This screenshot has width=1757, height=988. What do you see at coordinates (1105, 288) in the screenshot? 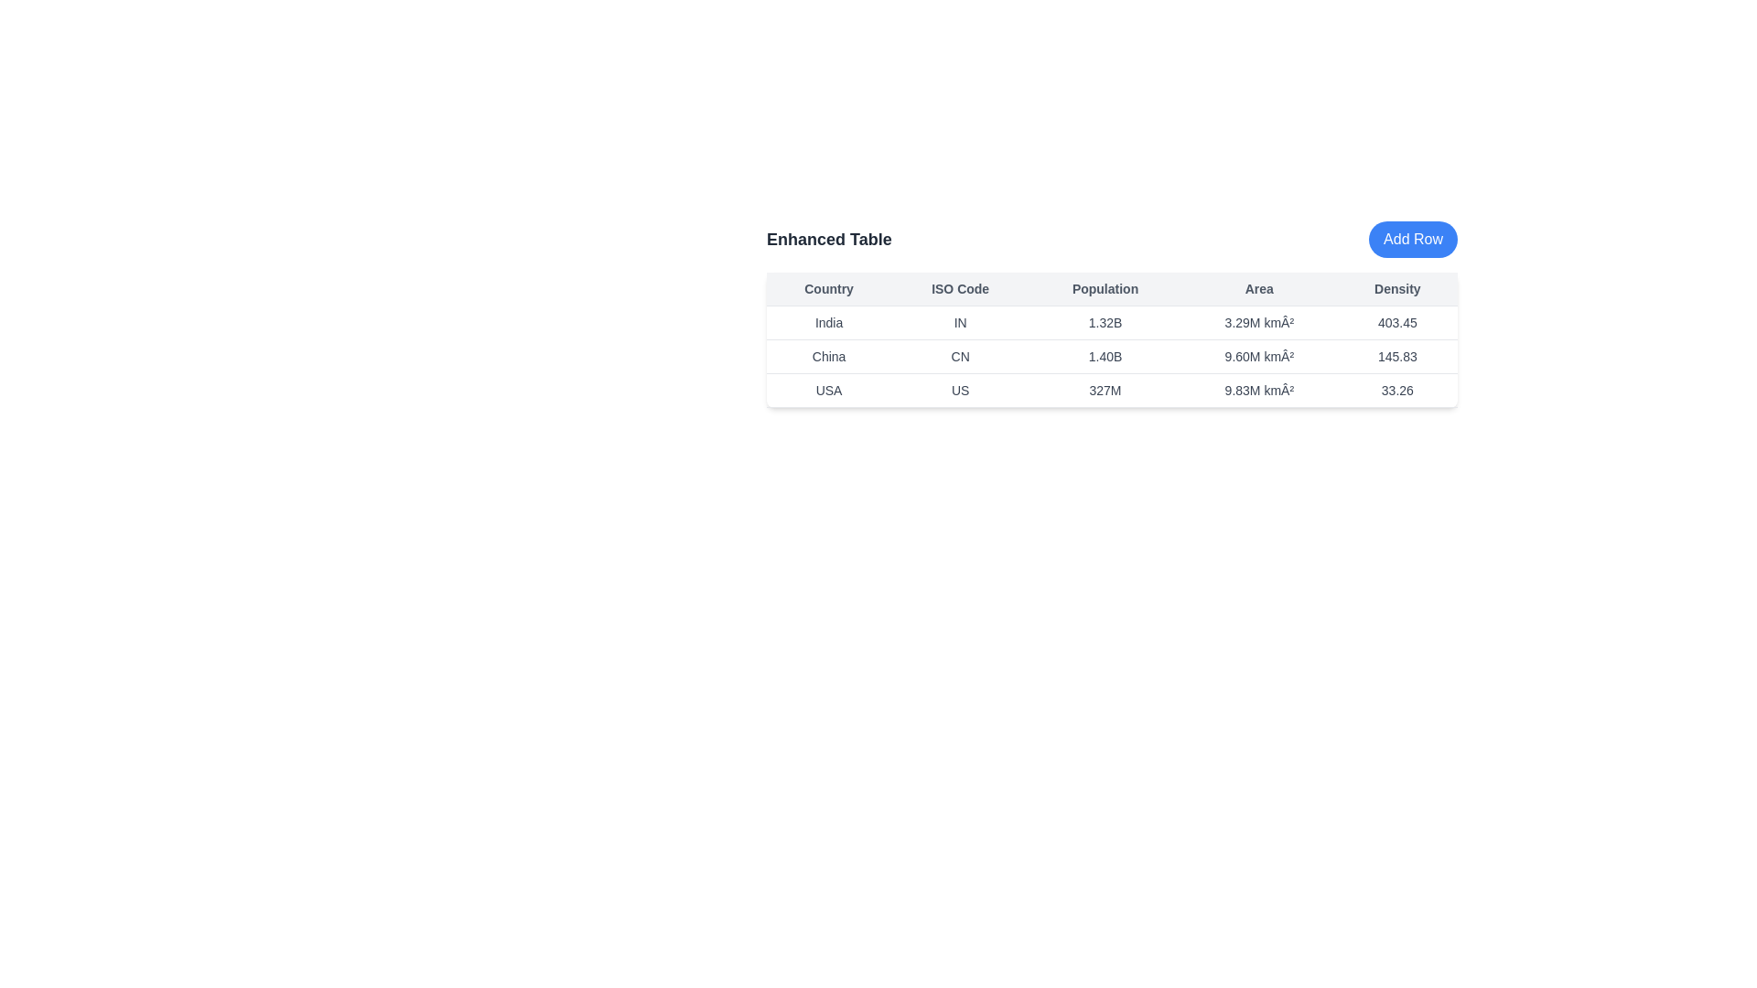
I see `the 'Population' text label which is a bold, gray header in the table, positioned between 'ISO Code' and 'Area'` at bounding box center [1105, 288].